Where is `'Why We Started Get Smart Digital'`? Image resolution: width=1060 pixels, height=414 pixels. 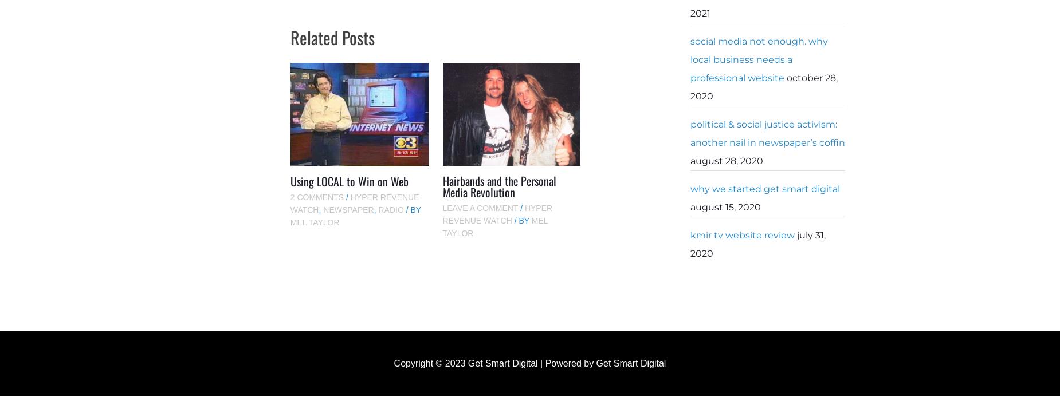
'Why We Started Get Smart Digital' is located at coordinates (764, 188).